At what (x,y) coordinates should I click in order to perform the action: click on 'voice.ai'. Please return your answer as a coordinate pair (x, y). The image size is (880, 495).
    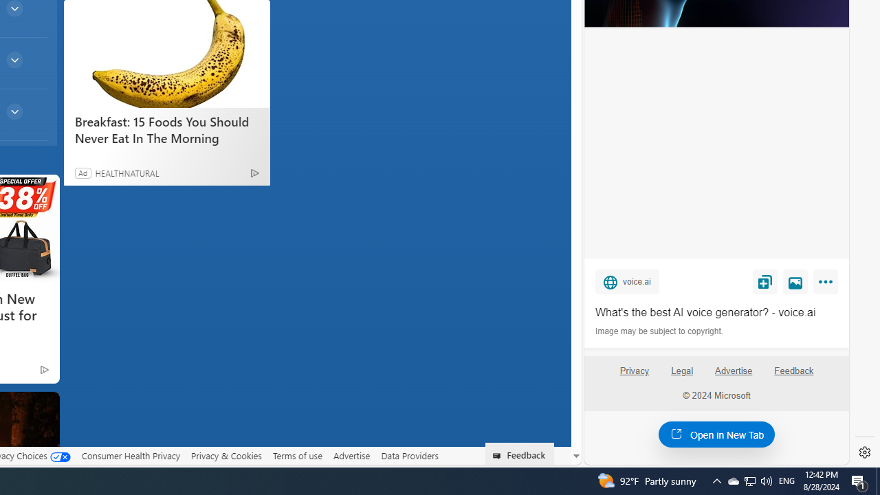
    Looking at the image, I should click on (626, 280).